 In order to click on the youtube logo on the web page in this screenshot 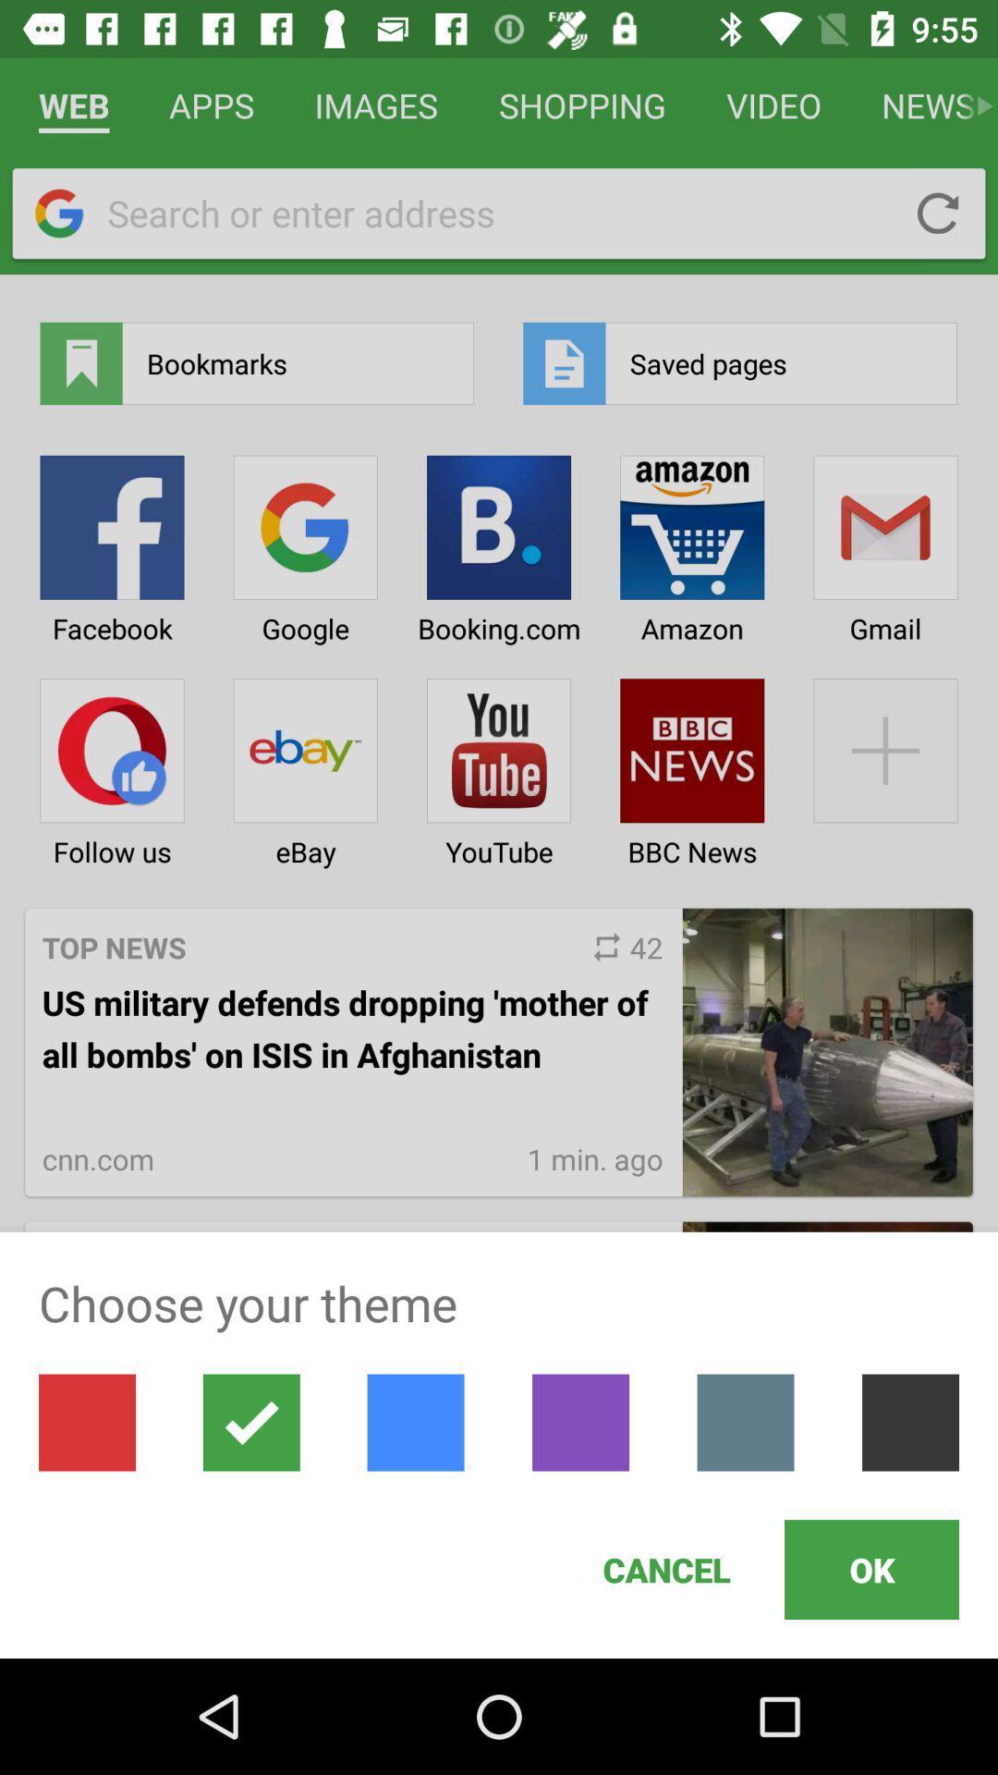, I will do `click(499, 766)`.